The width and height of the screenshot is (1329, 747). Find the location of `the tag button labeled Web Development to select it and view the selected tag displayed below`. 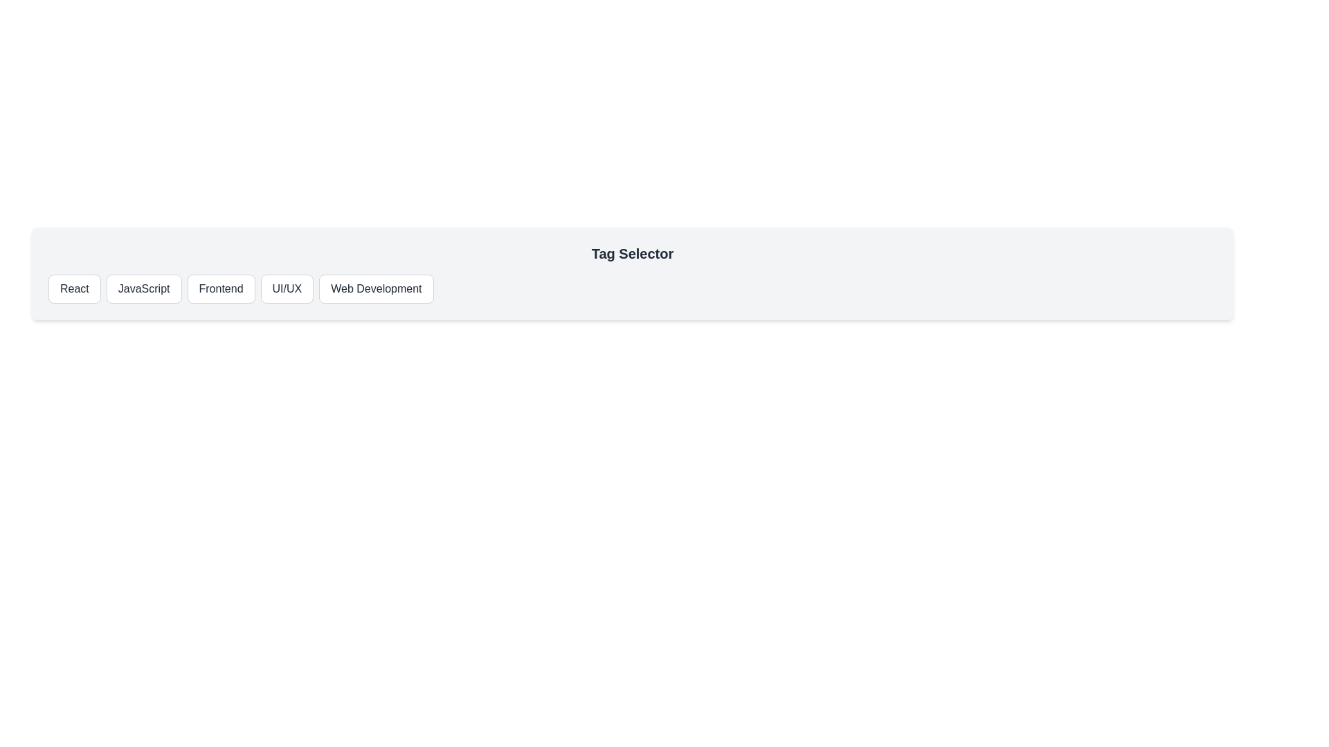

the tag button labeled Web Development to select it and view the selected tag displayed below is located at coordinates (376, 288).